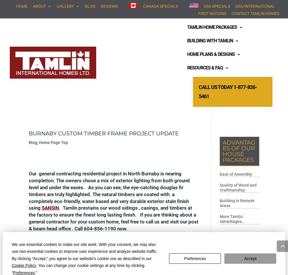  Describe the element at coordinates (101, 6) in the screenshot. I see `'Reviews'` at that location.